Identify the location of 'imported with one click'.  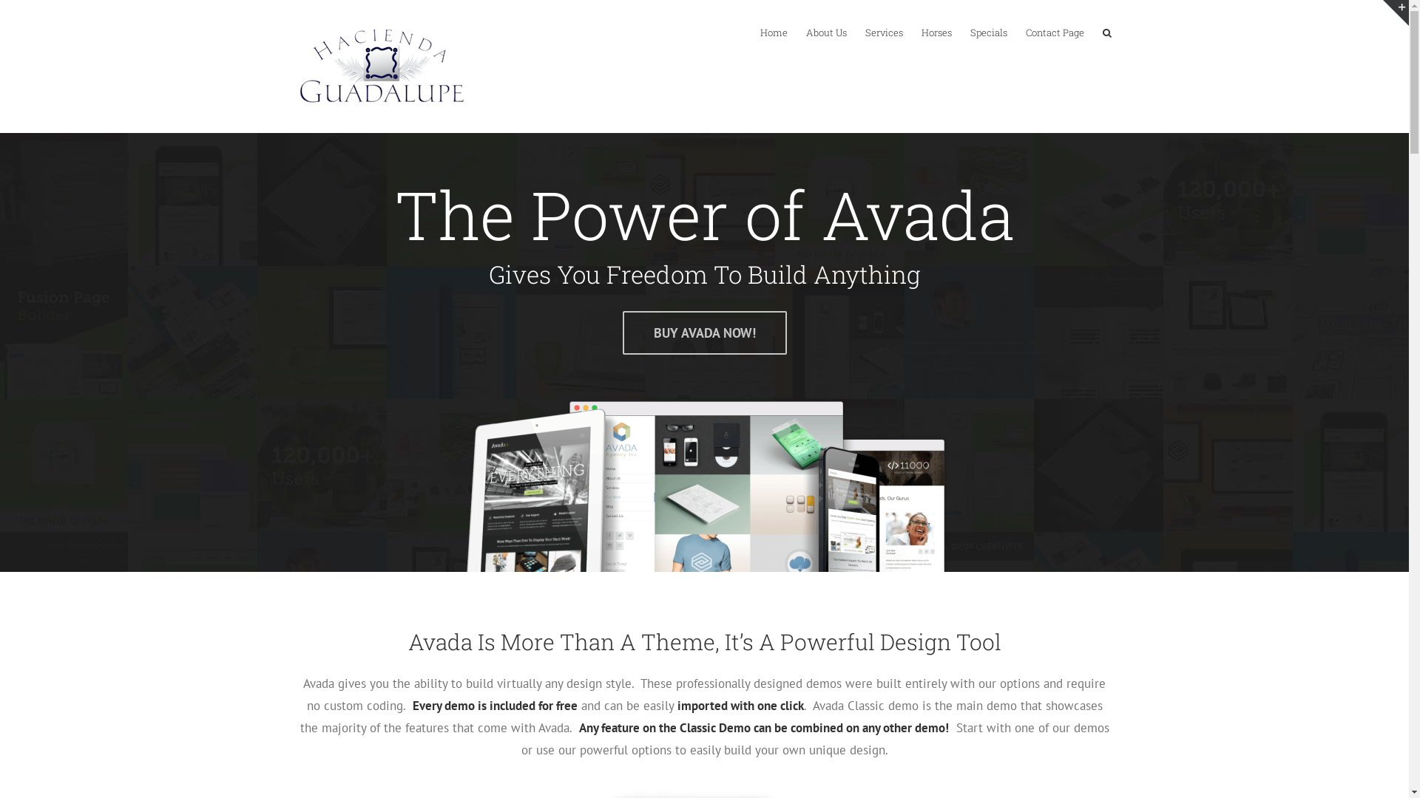
(740, 705).